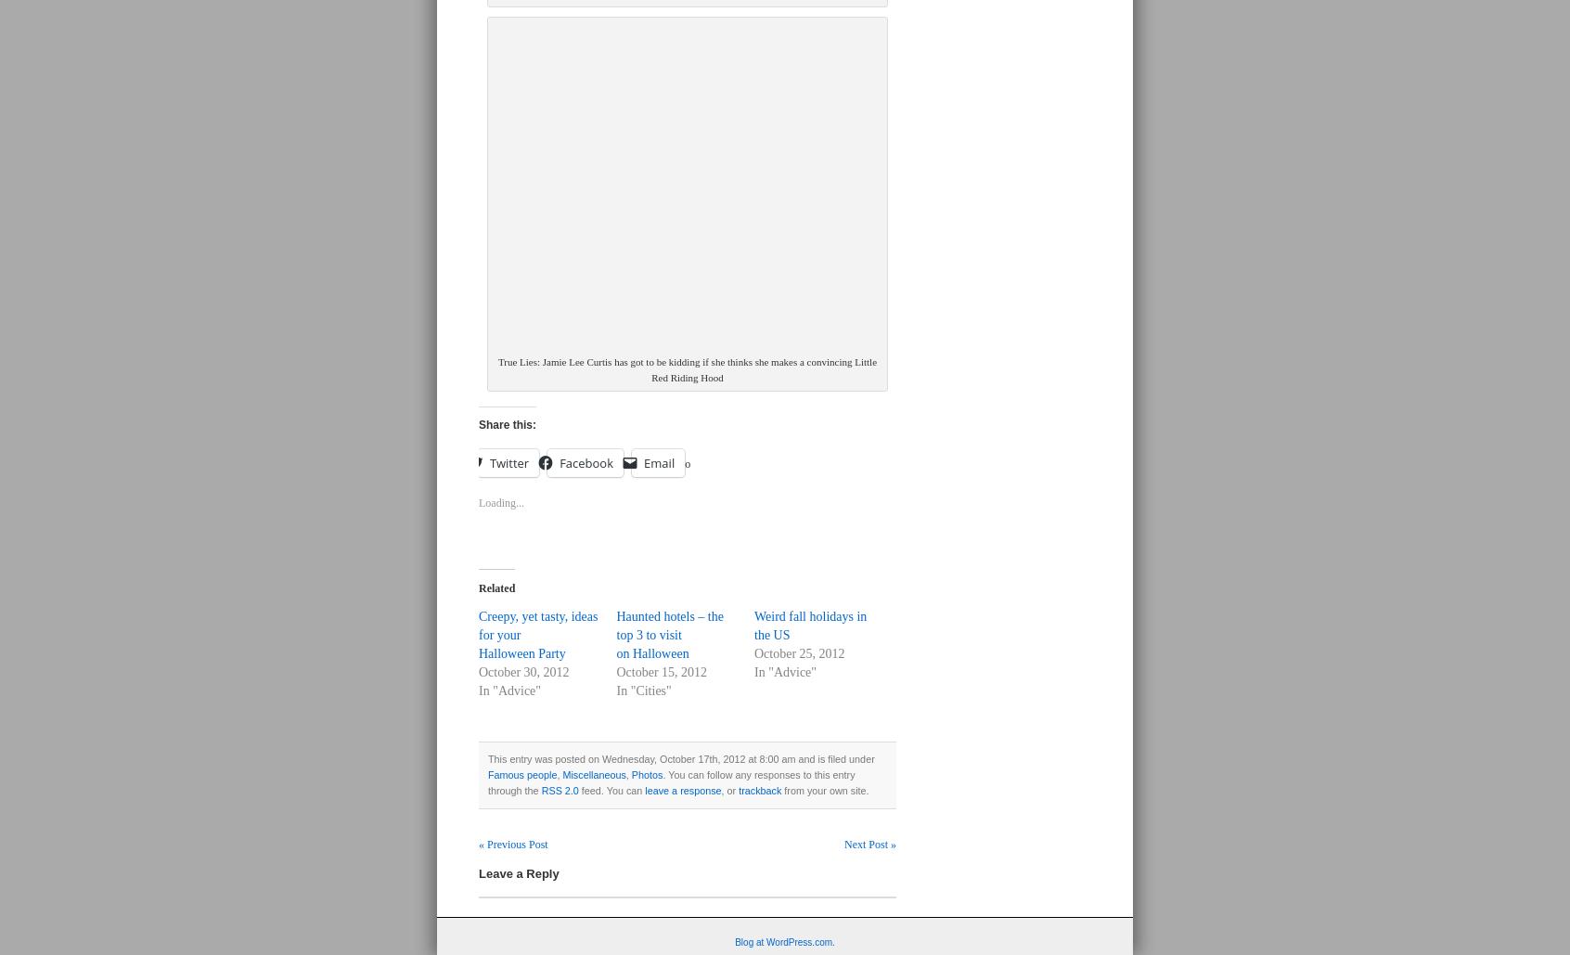  What do you see at coordinates (784, 940) in the screenshot?
I see `'Blog at WordPress.com.'` at bounding box center [784, 940].